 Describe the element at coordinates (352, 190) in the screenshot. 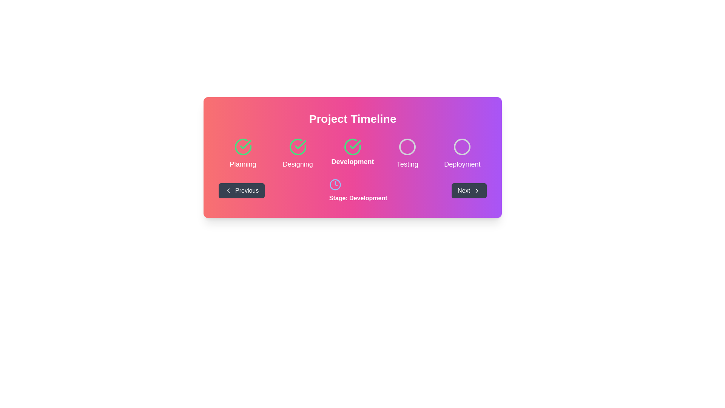

I see `the navigation bar located in the lower section of the 'Project Timeline' card` at that location.